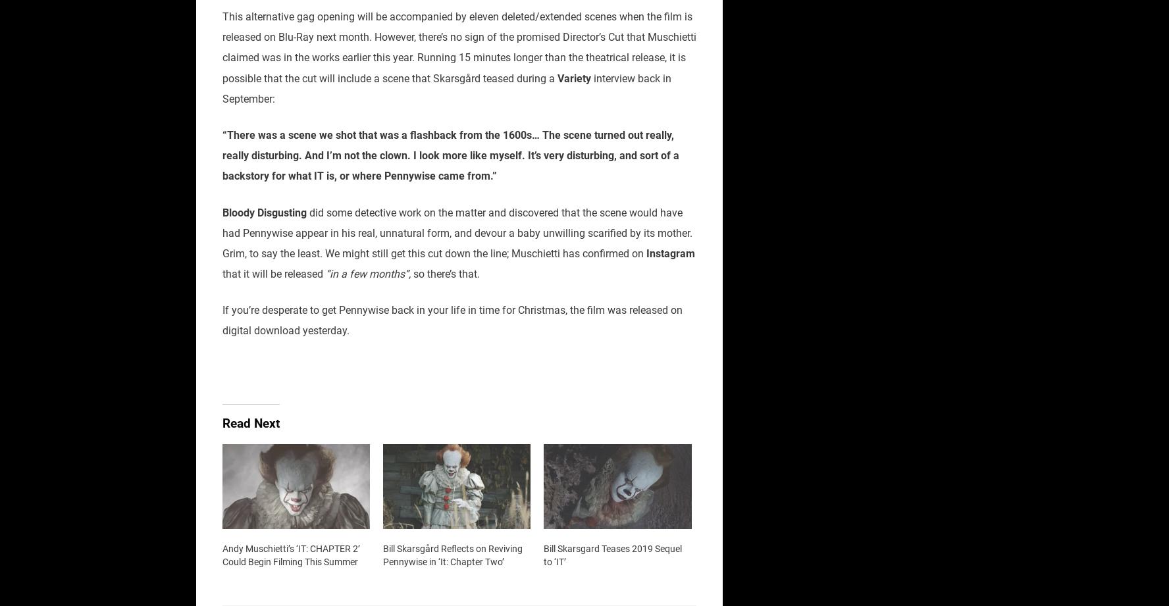 The image size is (1169, 606). What do you see at coordinates (369, 274) in the screenshot?
I see `'“in a few months”,'` at bounding box center [369, 274].